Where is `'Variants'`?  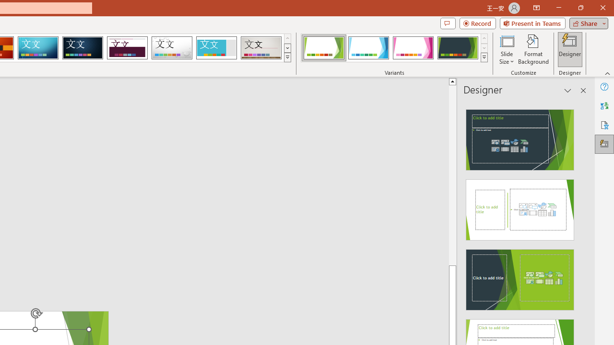 'Variants' is located at coordinates (484, 57).